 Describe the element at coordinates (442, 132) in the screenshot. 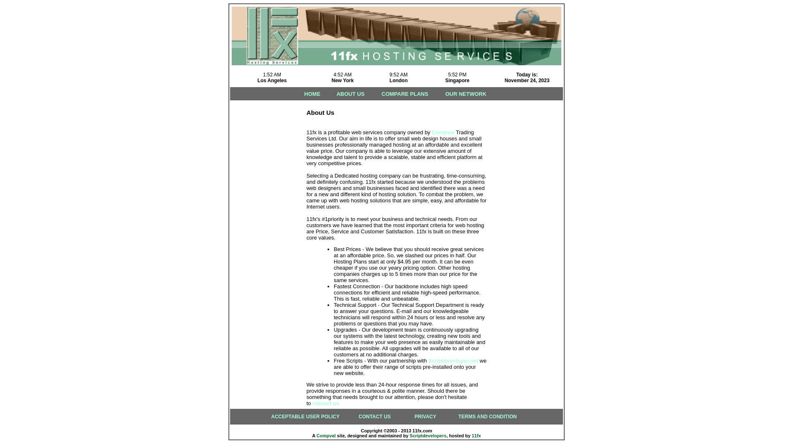

I see `'Compval'` at that location.